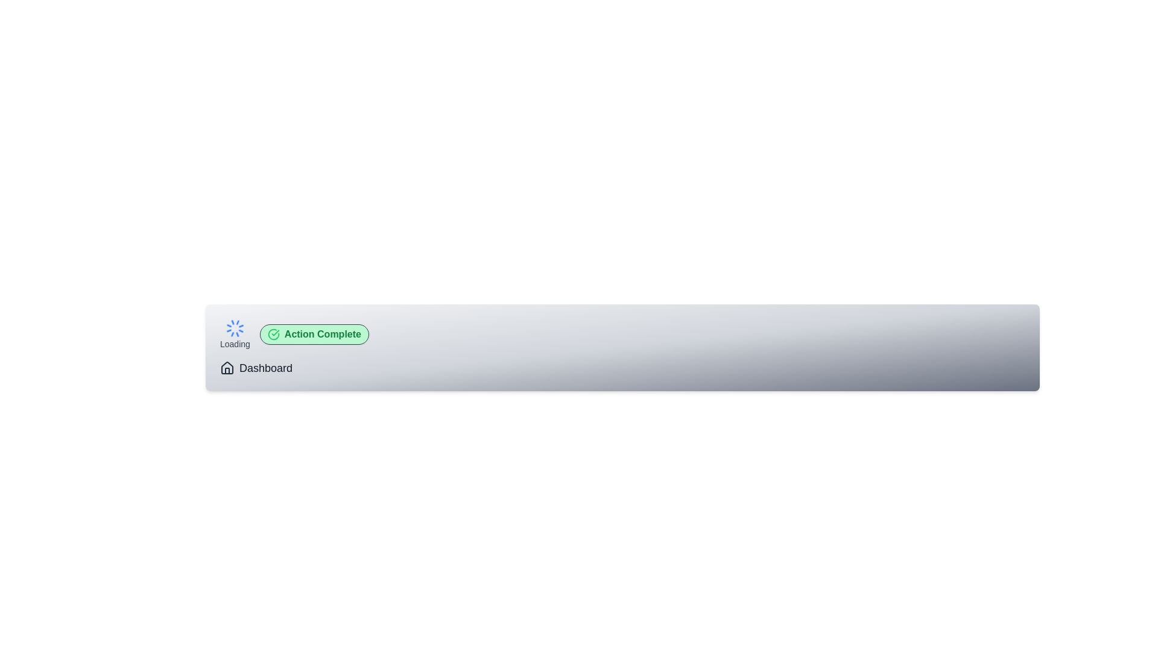  Describe the element at coordinates (314, 335) in the screenshot. I see `the Status Indicator Badge with a green background and 'Action Complete' text` at that location.